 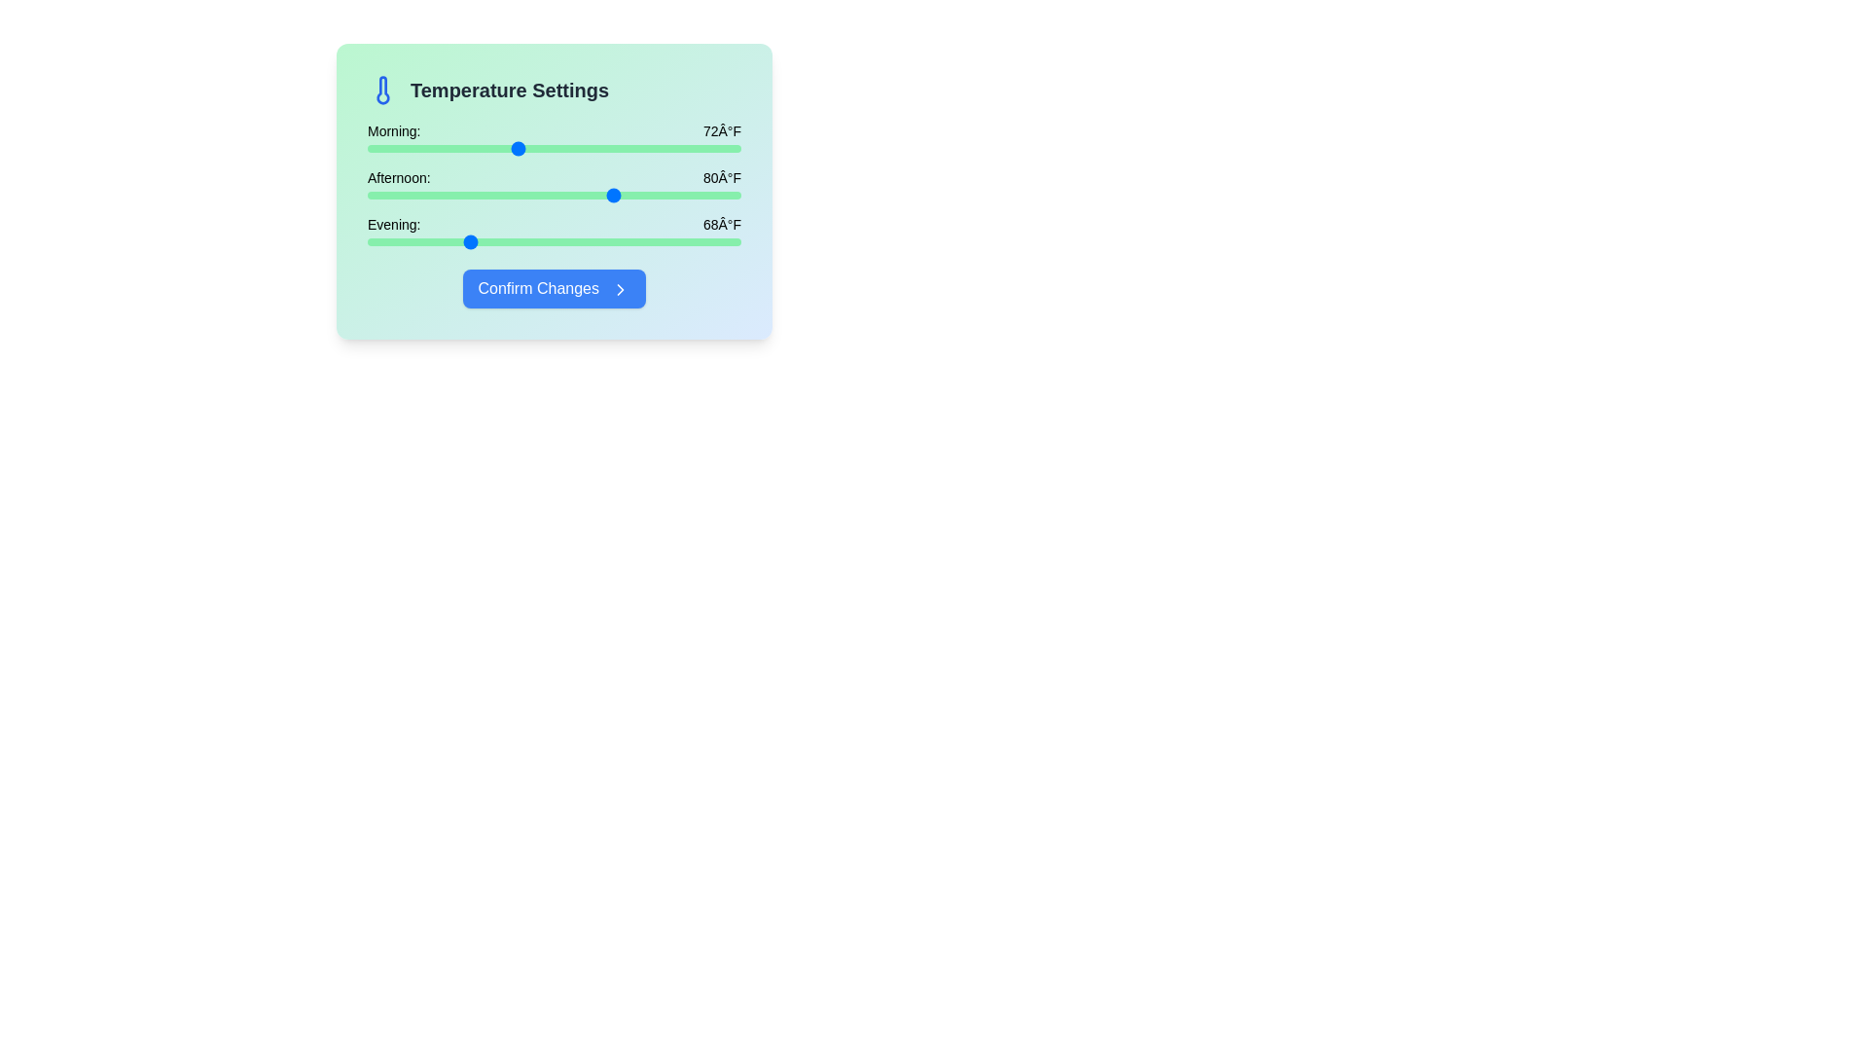 What do you see at coordinates (654, 148) in the screenshot?
I see `the morning temperature slider to 83°F` at bounding box center [654, 148].